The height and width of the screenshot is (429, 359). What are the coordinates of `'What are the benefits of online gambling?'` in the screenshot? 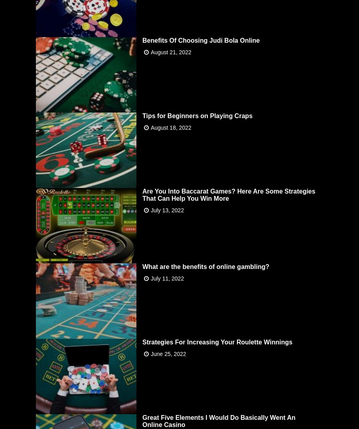 It's located at (142, 266).